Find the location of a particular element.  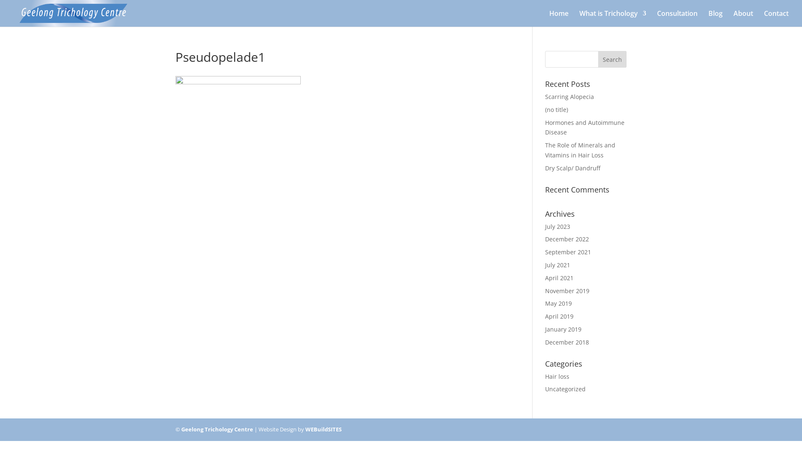

'Blog' is located at coordinates (715, 18).